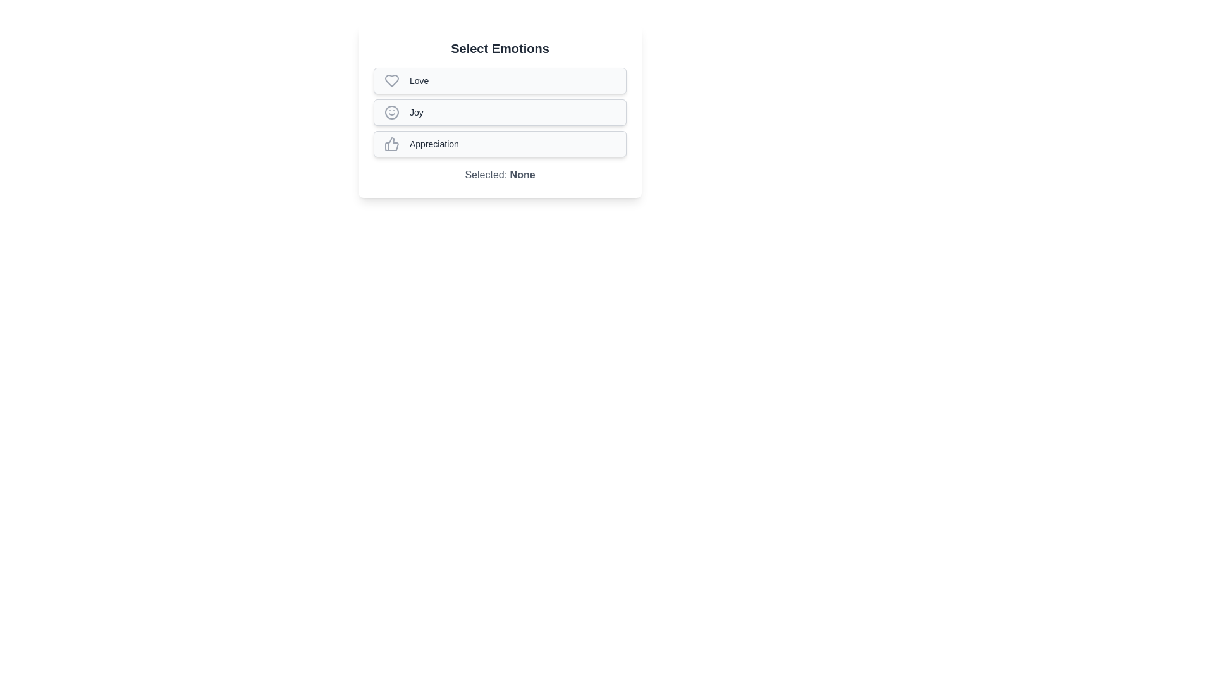 The height and width of the screenshot is (683, 1214). I want to click on the Joy chip, so click(500, 111).